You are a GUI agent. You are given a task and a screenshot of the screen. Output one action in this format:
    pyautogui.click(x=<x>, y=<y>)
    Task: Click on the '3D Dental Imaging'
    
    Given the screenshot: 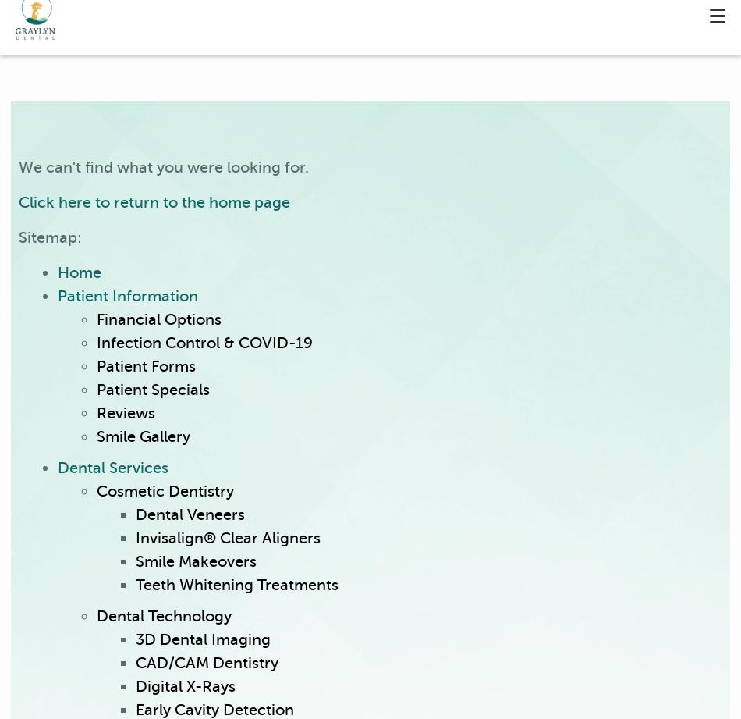 What is the action you would take?
    pyautogui.click(x=202, y=639)
    